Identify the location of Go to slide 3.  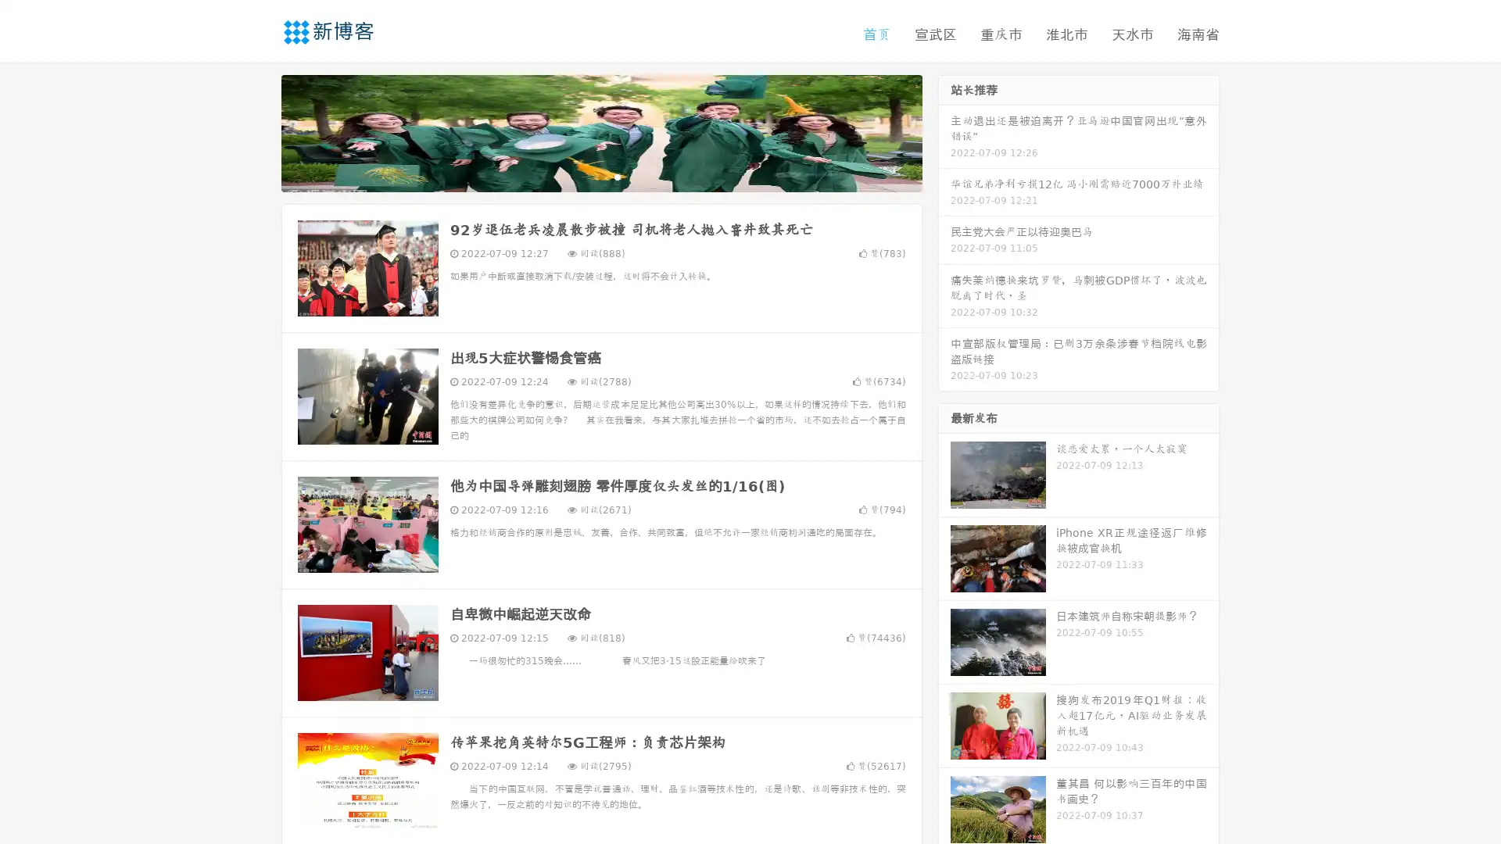
(617, 176).